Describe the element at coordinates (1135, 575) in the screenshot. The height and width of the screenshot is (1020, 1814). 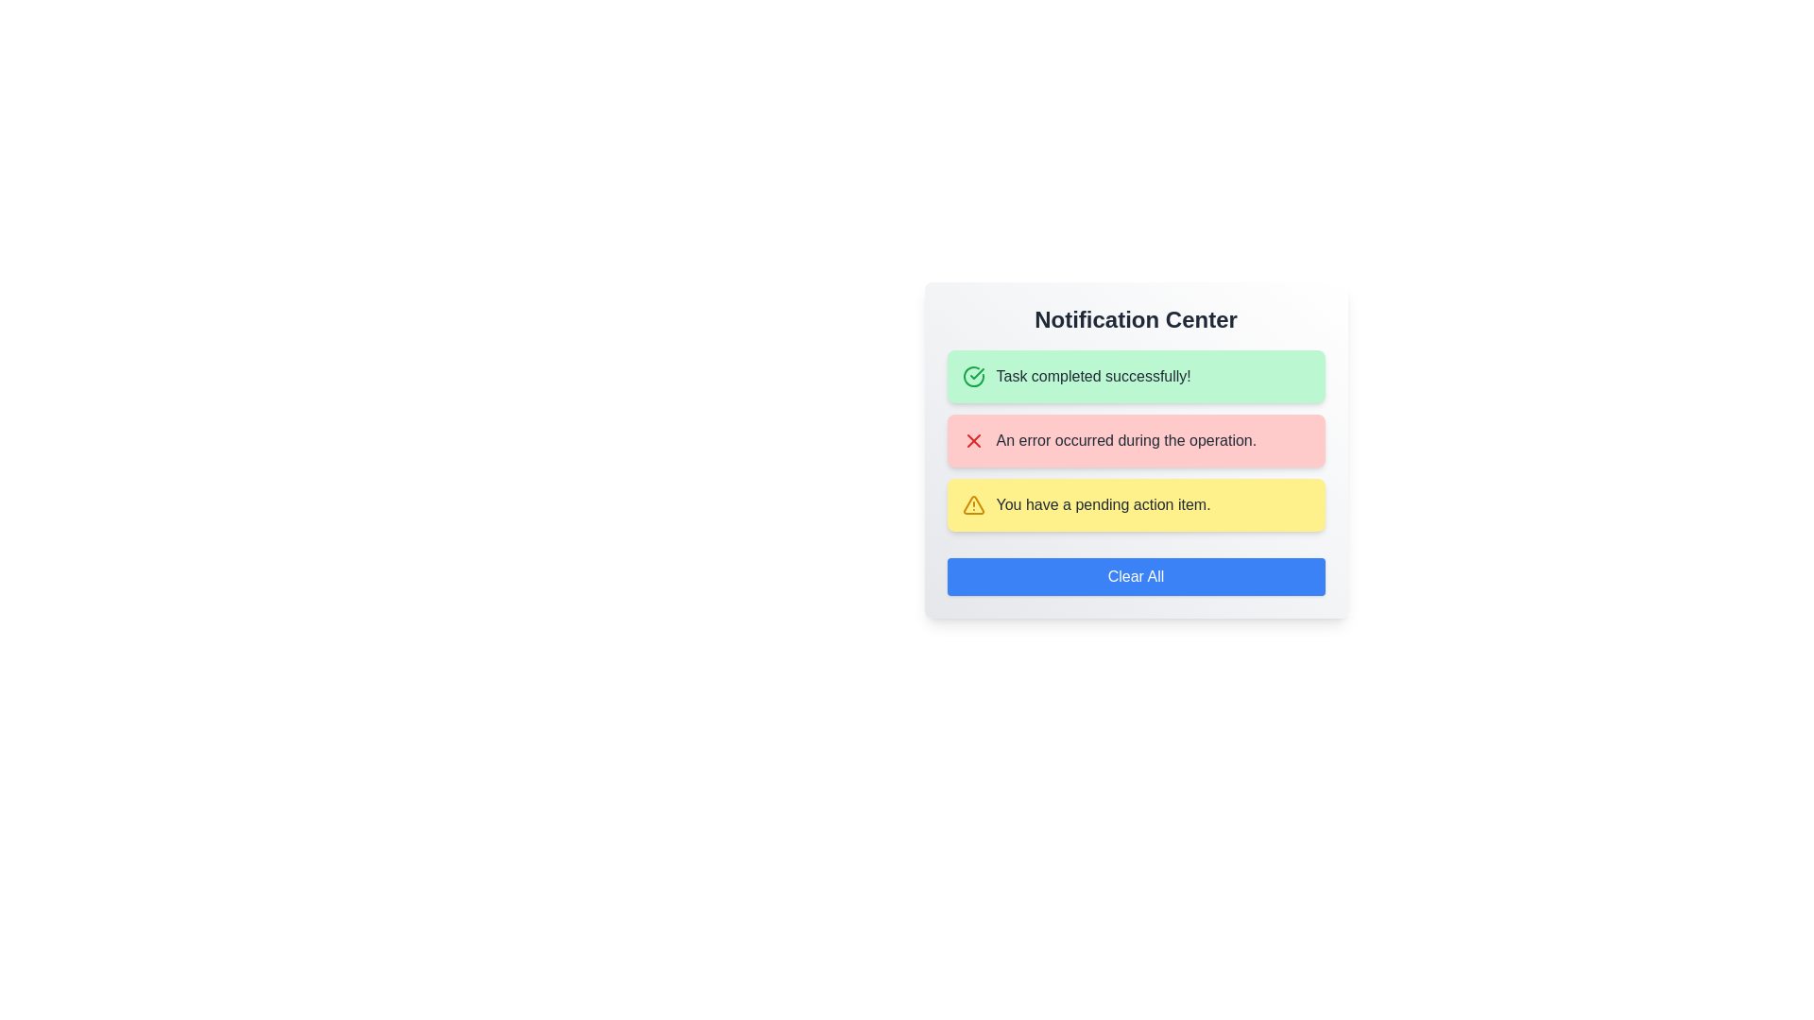
I see `the 'Clear All' button located at the bottom of the Notification Center` at that location.